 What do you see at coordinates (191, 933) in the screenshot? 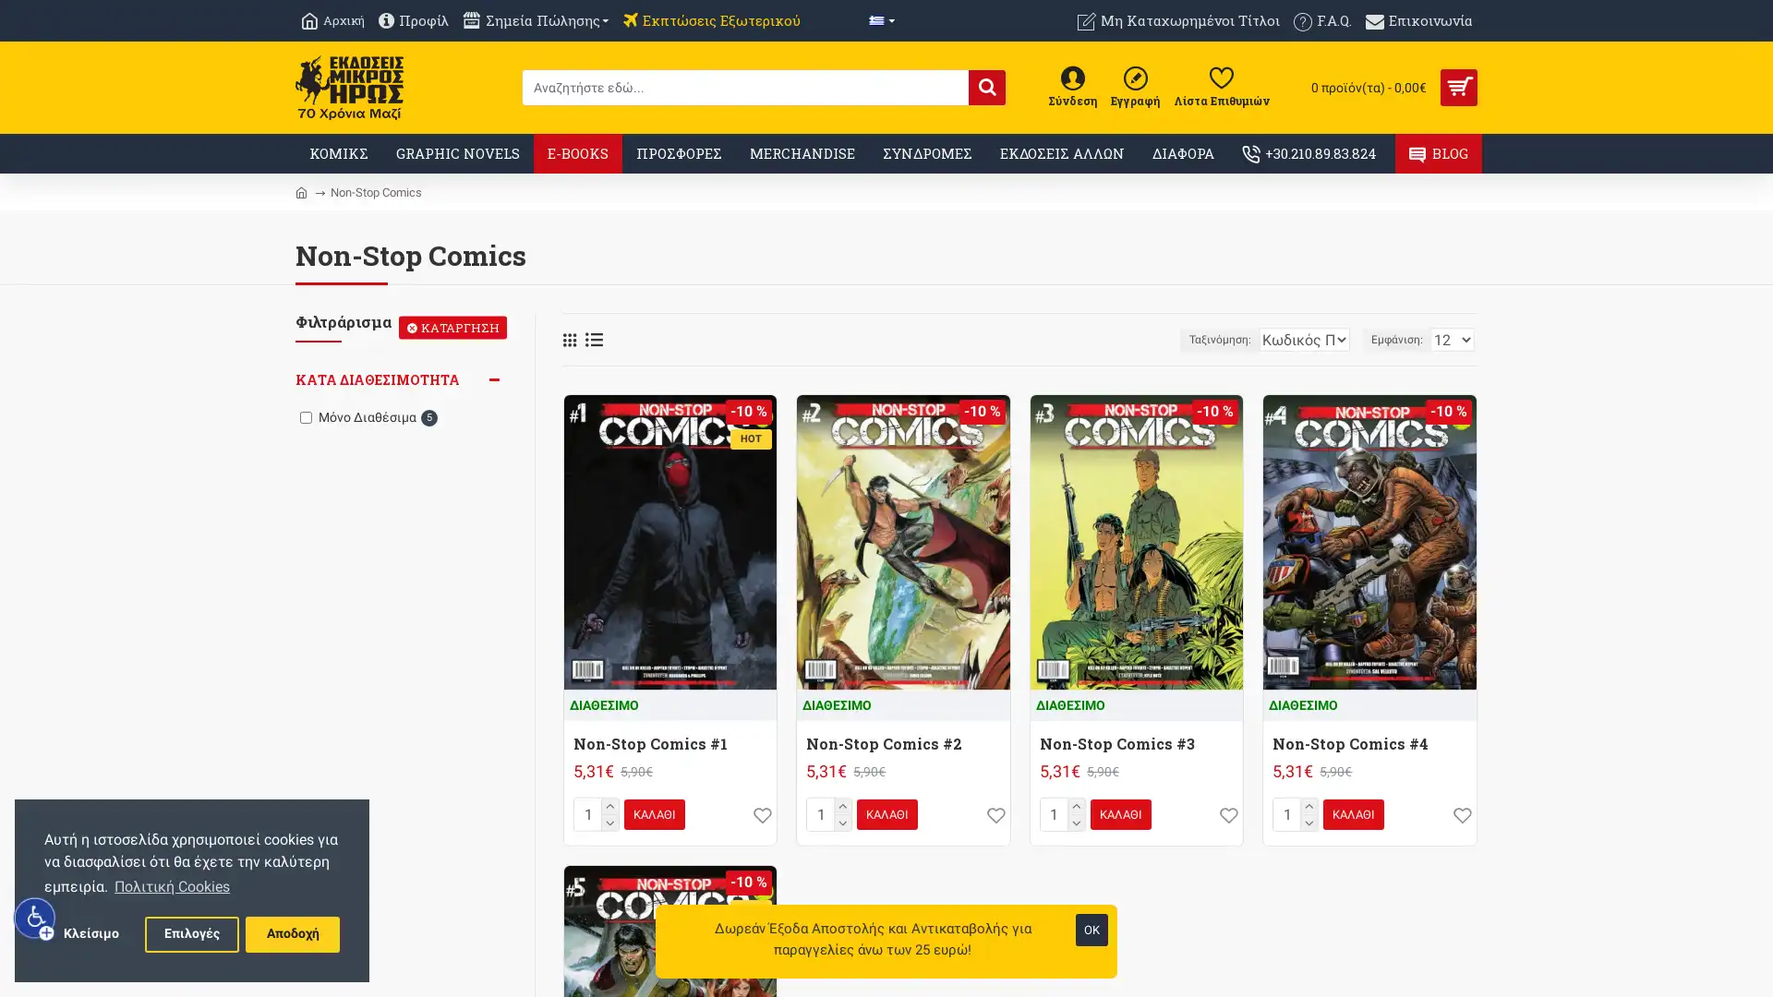
I see `settings cookies` at bounding box center [191, 933].